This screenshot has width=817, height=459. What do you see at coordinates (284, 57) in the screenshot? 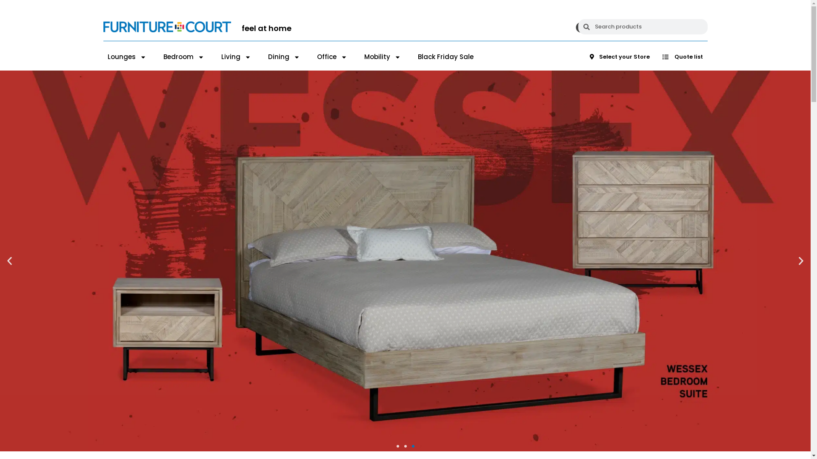
I see `'Dining'` at bounding box center [284, 57].